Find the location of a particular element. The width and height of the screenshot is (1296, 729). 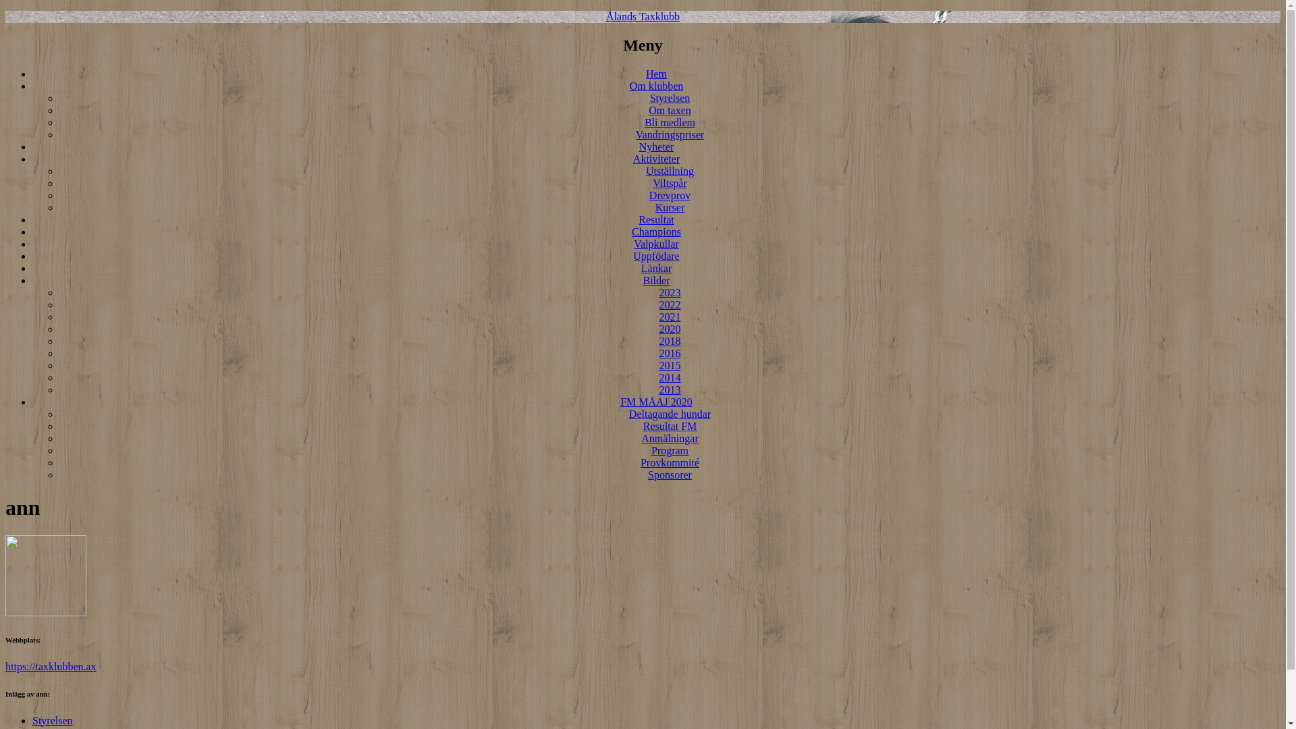

'2023' is located at coordinates (670, 292).